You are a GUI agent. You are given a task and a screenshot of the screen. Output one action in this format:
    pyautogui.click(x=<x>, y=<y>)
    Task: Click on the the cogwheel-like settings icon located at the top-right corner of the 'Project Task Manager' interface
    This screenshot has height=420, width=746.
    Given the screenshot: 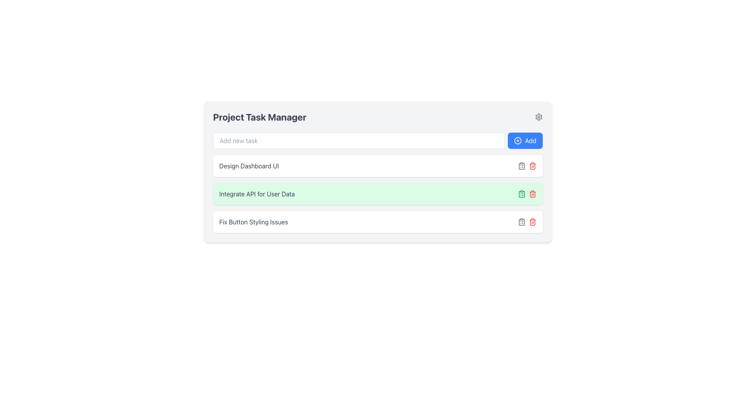 What is the action you would take?
    pyautogui.click(x=538, y=117)
    